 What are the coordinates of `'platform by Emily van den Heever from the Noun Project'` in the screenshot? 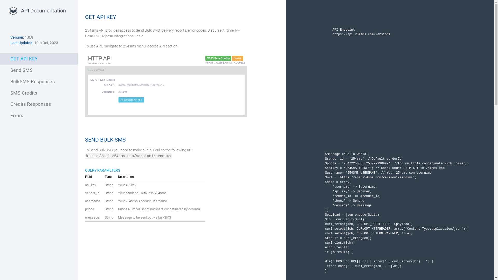 It's located at (13, 11).